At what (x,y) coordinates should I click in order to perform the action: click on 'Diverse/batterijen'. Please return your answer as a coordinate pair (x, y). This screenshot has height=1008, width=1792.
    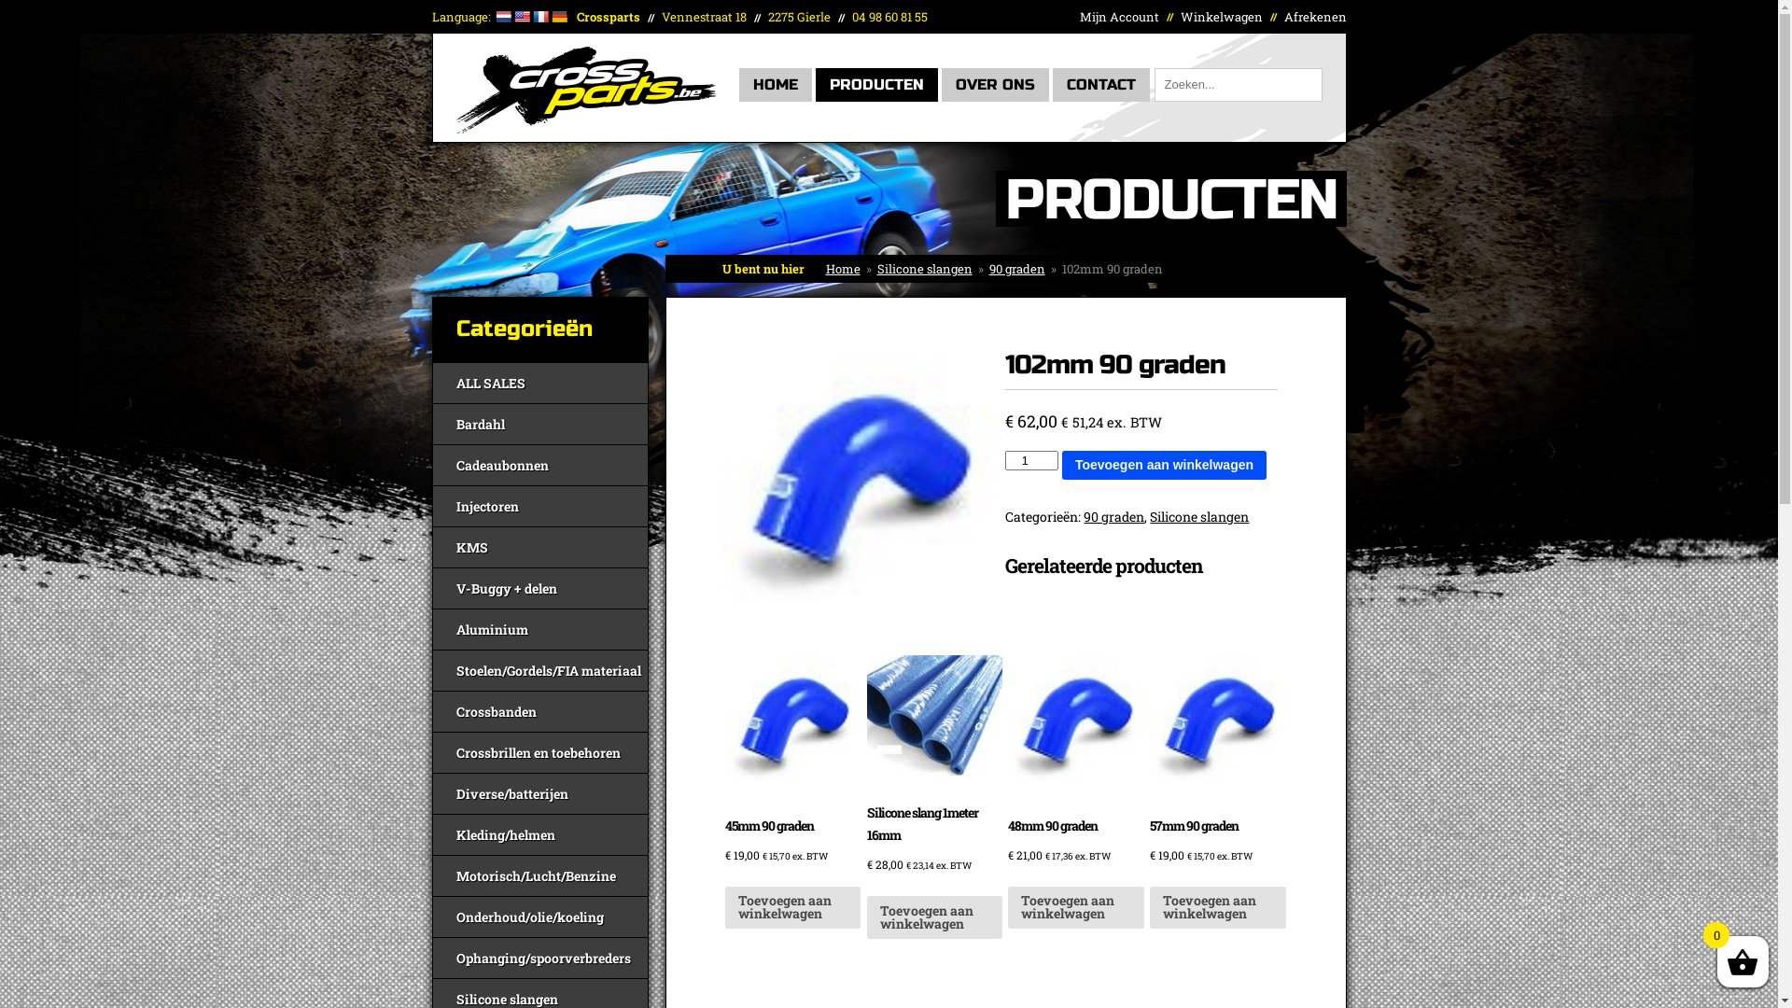
    Looking at the image, I should click on (539, 792).